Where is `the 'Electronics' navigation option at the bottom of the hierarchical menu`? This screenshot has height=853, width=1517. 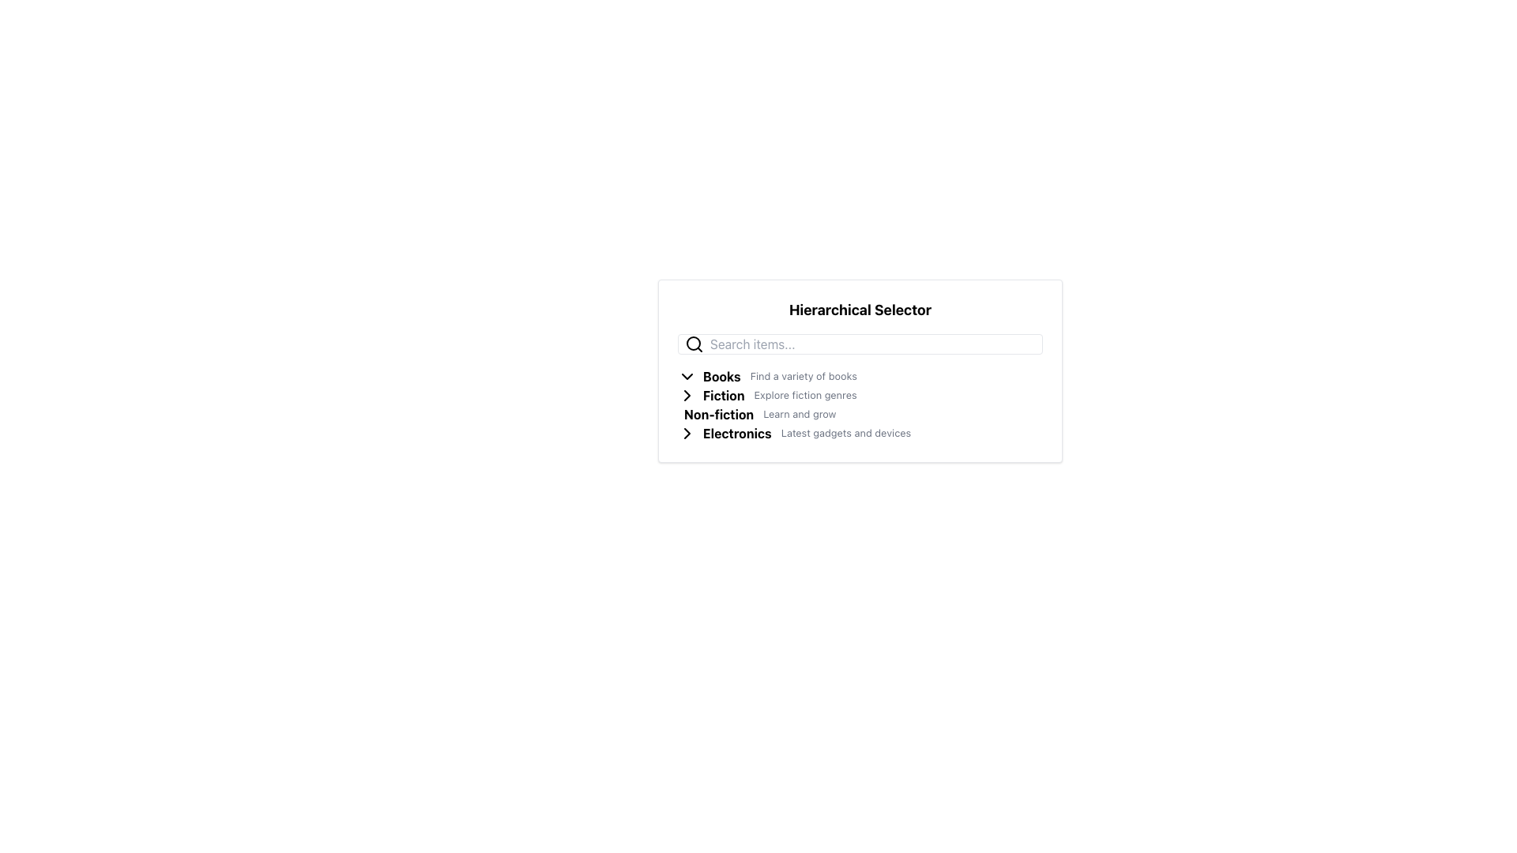
the 'Electronics' navigation option at the bottom of the hierarchical menu is located at coordinates (860, 433).